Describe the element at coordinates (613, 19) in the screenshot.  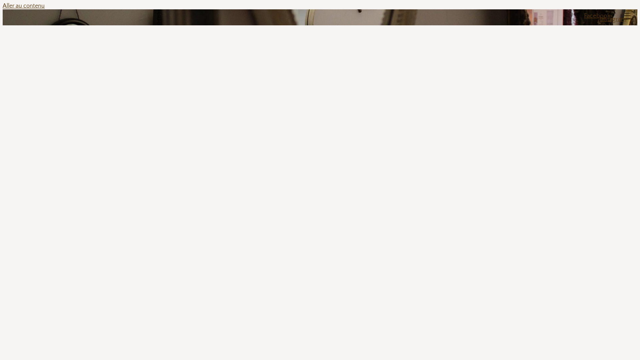
I see `'Instagram'` at that location.